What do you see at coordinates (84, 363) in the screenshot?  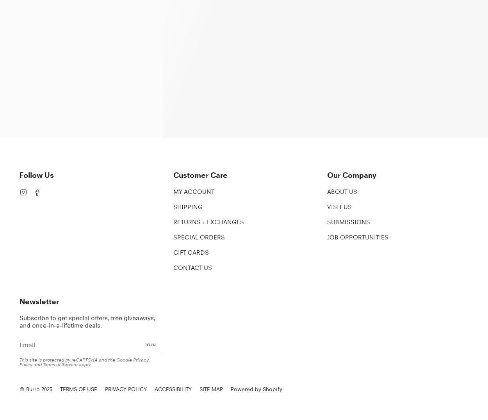 I see `'apply.'` at bounding box center [84, 363].